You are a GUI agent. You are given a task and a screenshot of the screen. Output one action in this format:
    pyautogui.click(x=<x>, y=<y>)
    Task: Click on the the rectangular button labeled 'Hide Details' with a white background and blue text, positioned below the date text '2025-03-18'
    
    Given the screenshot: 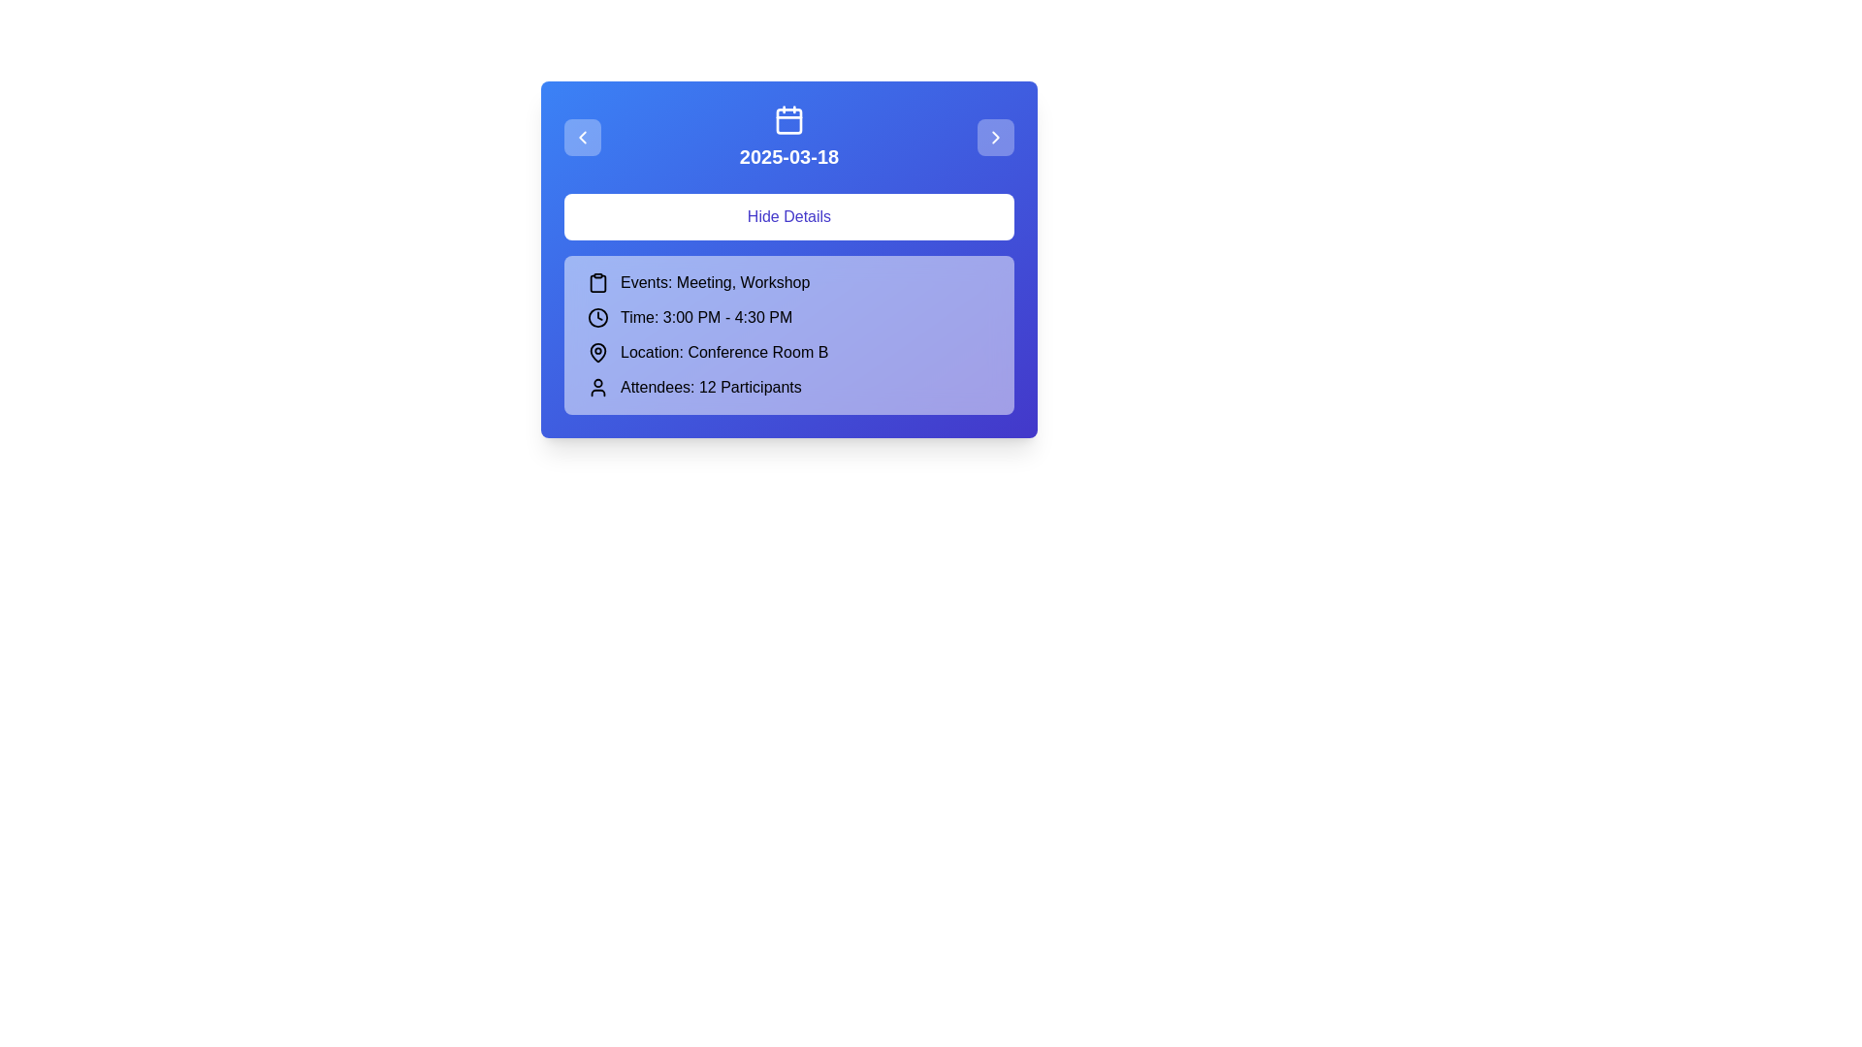 What is the action you would take?
    pyautogui.click(x=789, y=216)
    